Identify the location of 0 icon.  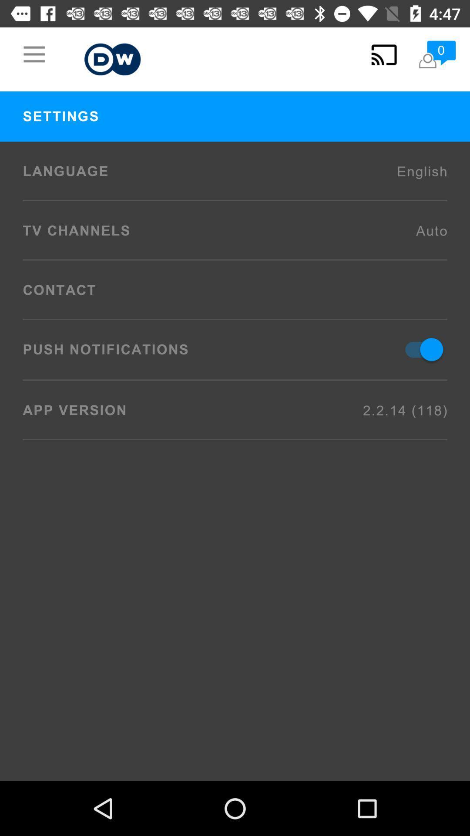
(436, 54).